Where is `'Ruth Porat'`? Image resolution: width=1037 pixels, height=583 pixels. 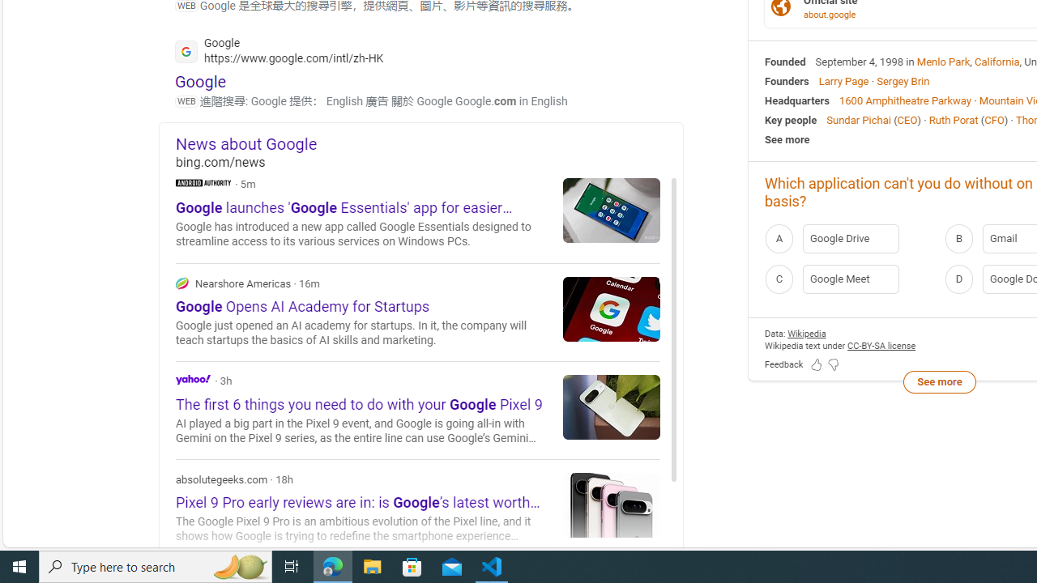 'Ruth Porat' is located at coordinates (953, 118).